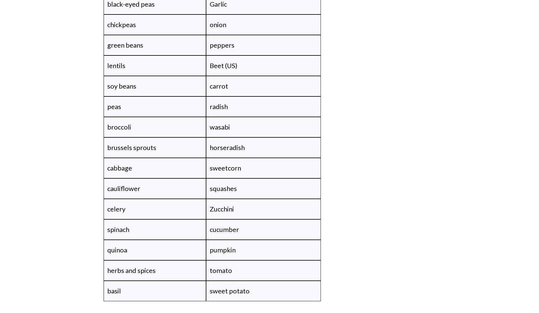  I want to click on 'spinach', so click(118, 229).